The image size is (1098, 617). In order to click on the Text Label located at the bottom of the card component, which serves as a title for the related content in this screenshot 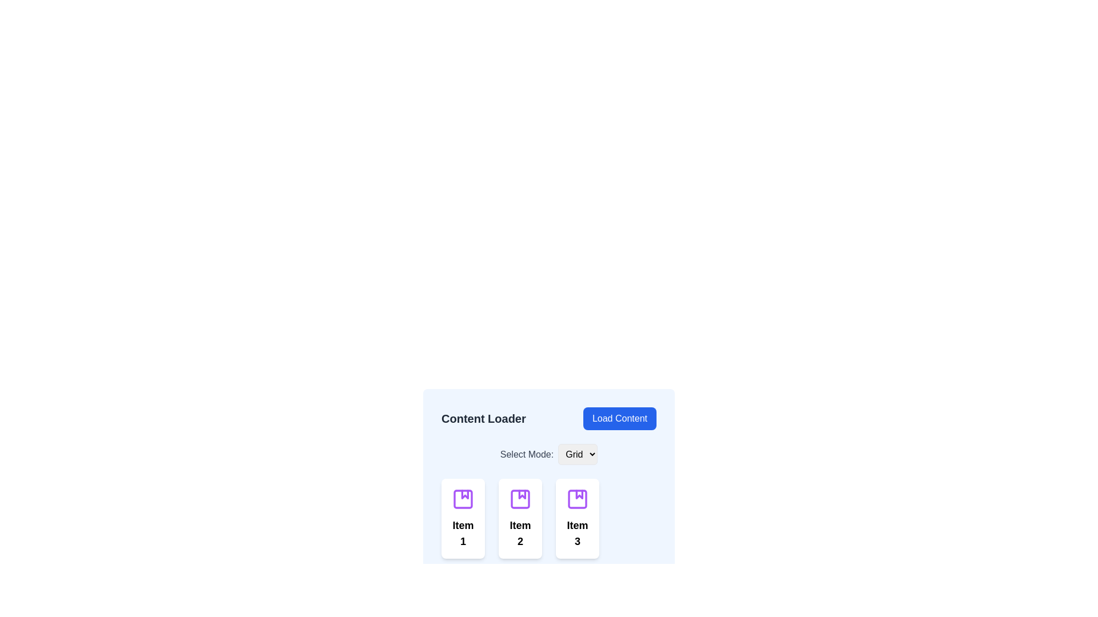, I will do `click(463, 533)`.